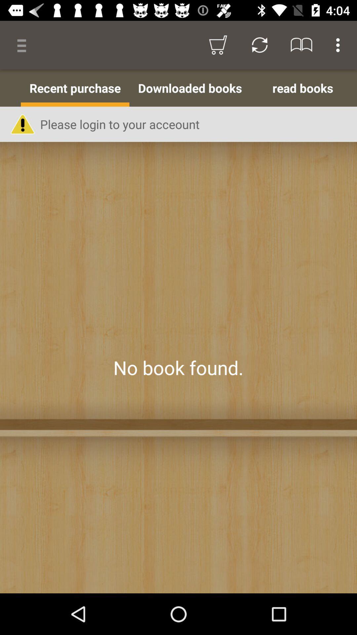 This screenshot has width=357, height=635. I want to click on the item to the left of the downloaded books, so click(75, 88).